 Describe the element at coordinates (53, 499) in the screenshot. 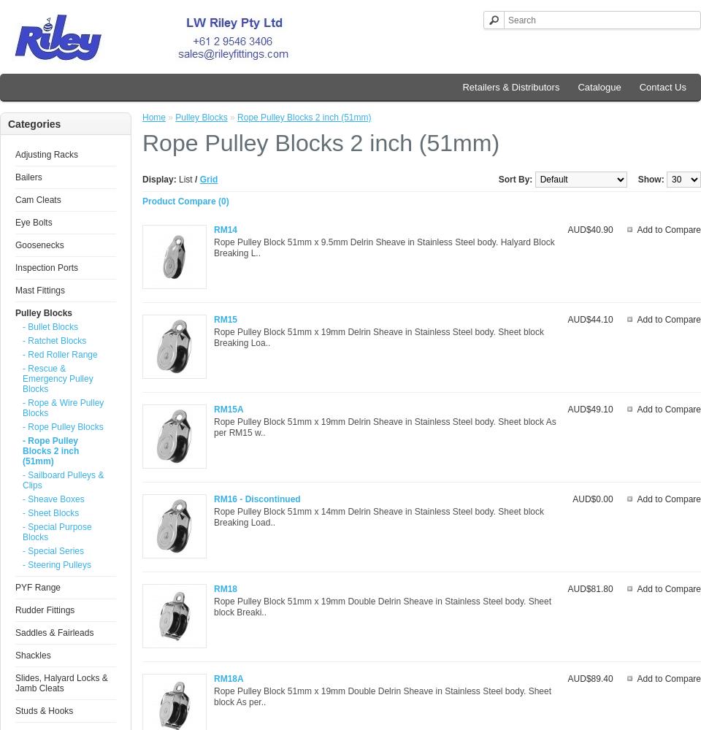

I see `'- Sheave Boxes'` at that location.